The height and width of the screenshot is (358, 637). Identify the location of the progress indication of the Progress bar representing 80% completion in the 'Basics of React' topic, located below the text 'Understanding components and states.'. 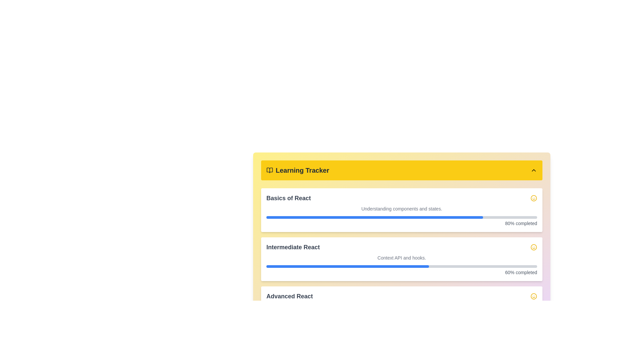
(401, 217).